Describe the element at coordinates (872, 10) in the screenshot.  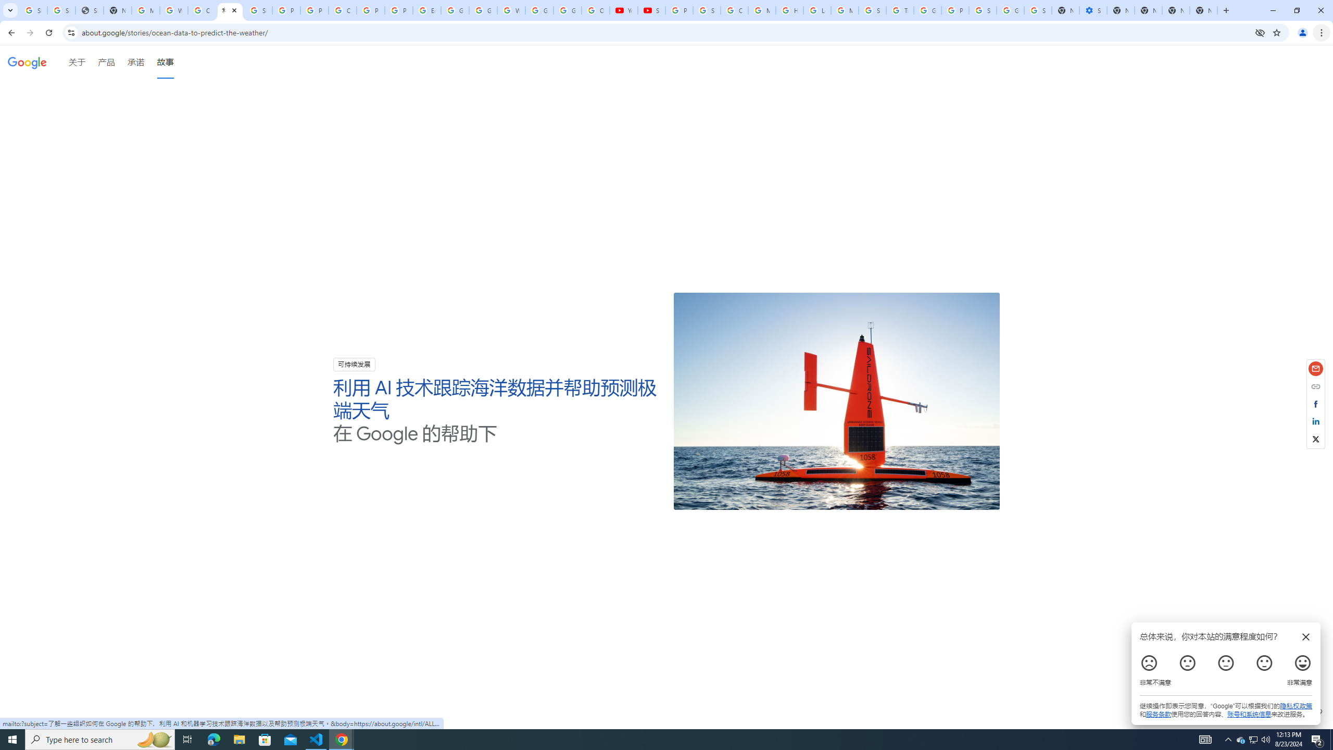
I see `'Search our Doodle Library Collection - Google Doodles'` at that location.